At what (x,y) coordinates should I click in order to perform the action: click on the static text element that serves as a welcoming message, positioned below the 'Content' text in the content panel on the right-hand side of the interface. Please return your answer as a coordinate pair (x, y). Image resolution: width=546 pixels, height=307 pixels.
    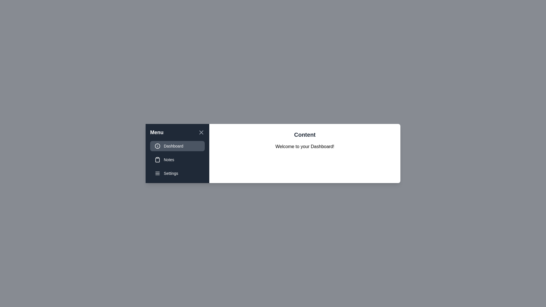
    Looking at the image, I should click on (304, 146).